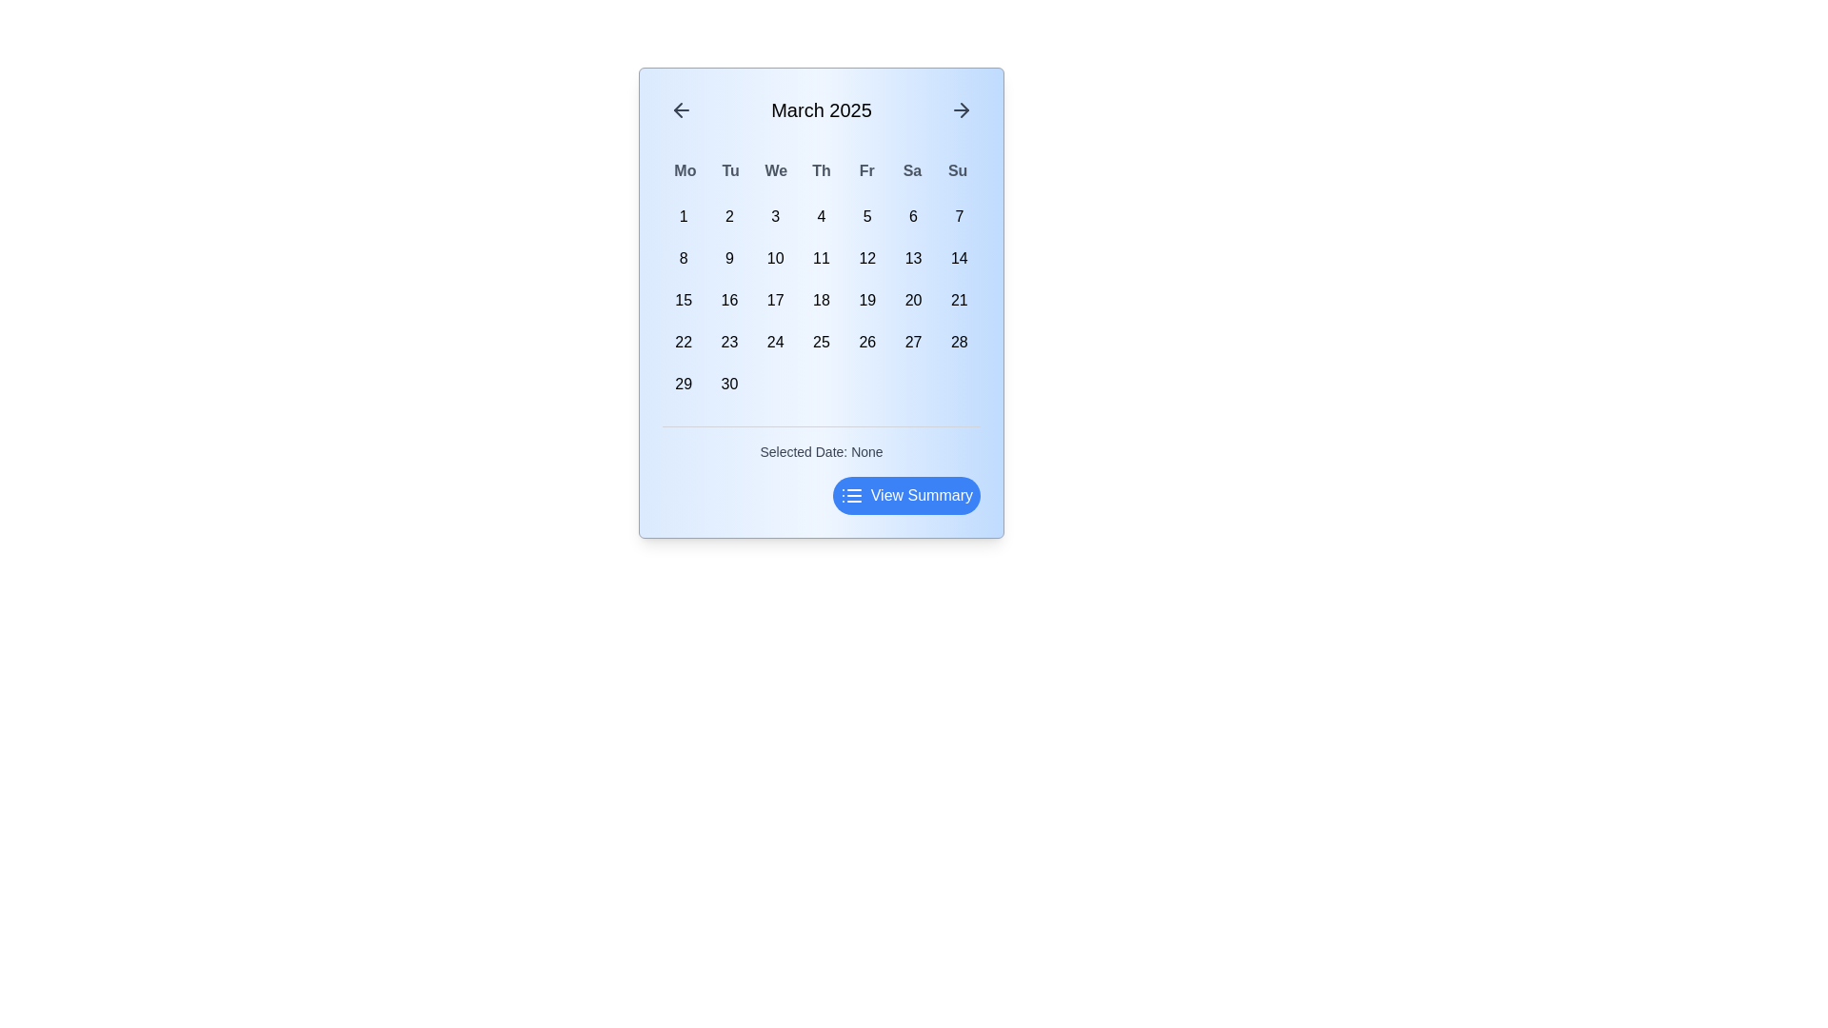 The height and width of the screenshot is (1028, 1828). What do you see at coordinates (866, 300) in the screenshot?
I see `the button representing the date '19' in the calendar grid for March 2025` at bounding box center [866, 300].